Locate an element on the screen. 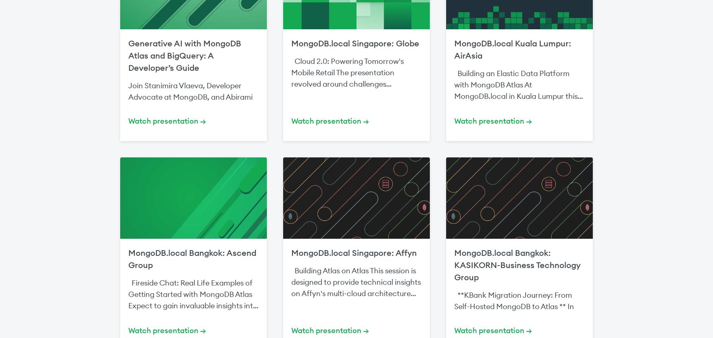  'Cloud 2.0: Powering Tomorrow's Mobile Retail



The presentation revolved around challenges enterprises face which have been on a cloud journey for a while and the need for constantly evolving from both a people and technology point of view to improve business efficiency and speed to market.


Speaker: Ricky Mohan, Head of Cloud Enablement & Service Operations, Globe Group' is located at coordinates (356, 118).